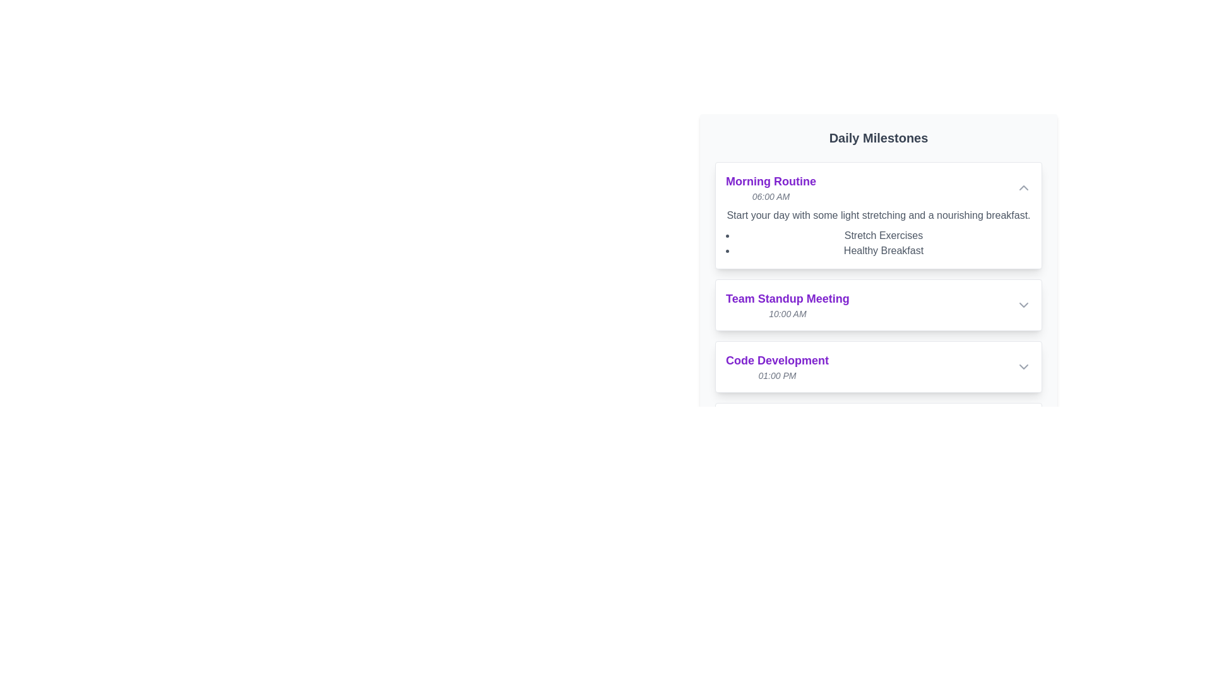 The image size is (1212, 681). What do you see at coordinates (1024, 367) in the screenshot?
I see `the gray chevron button located on the far right side of the 'Code Development' section` at bounding box center [1024, 367].